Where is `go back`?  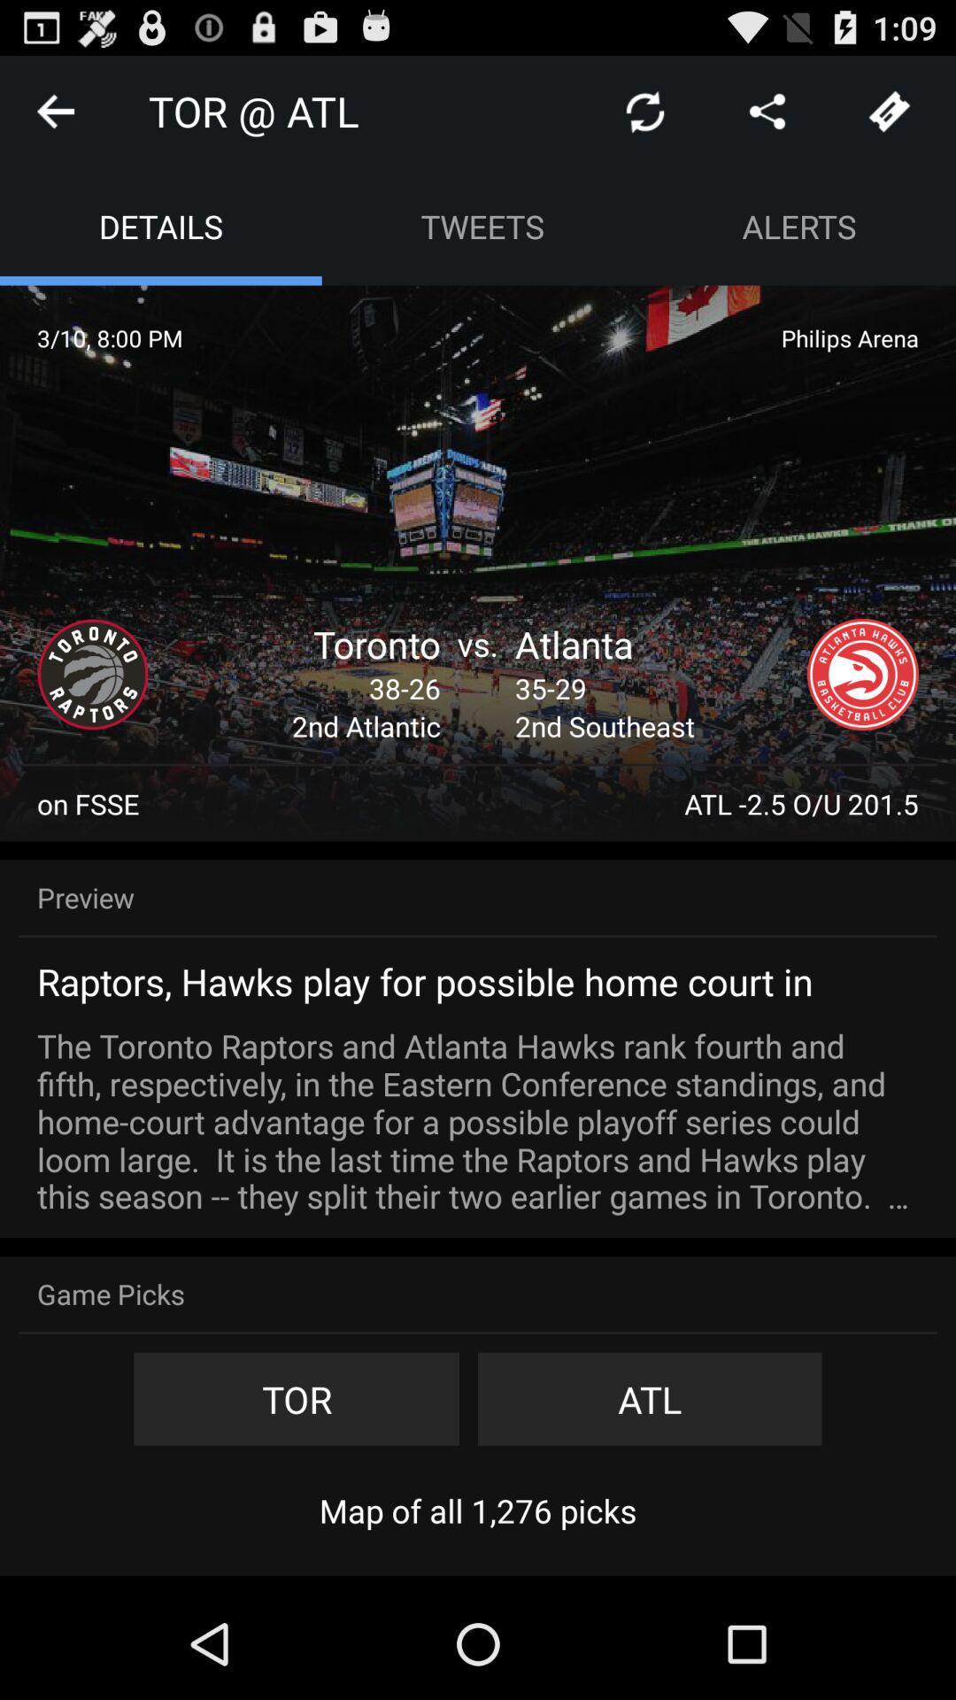 go back is located at coordinates (54, 110).